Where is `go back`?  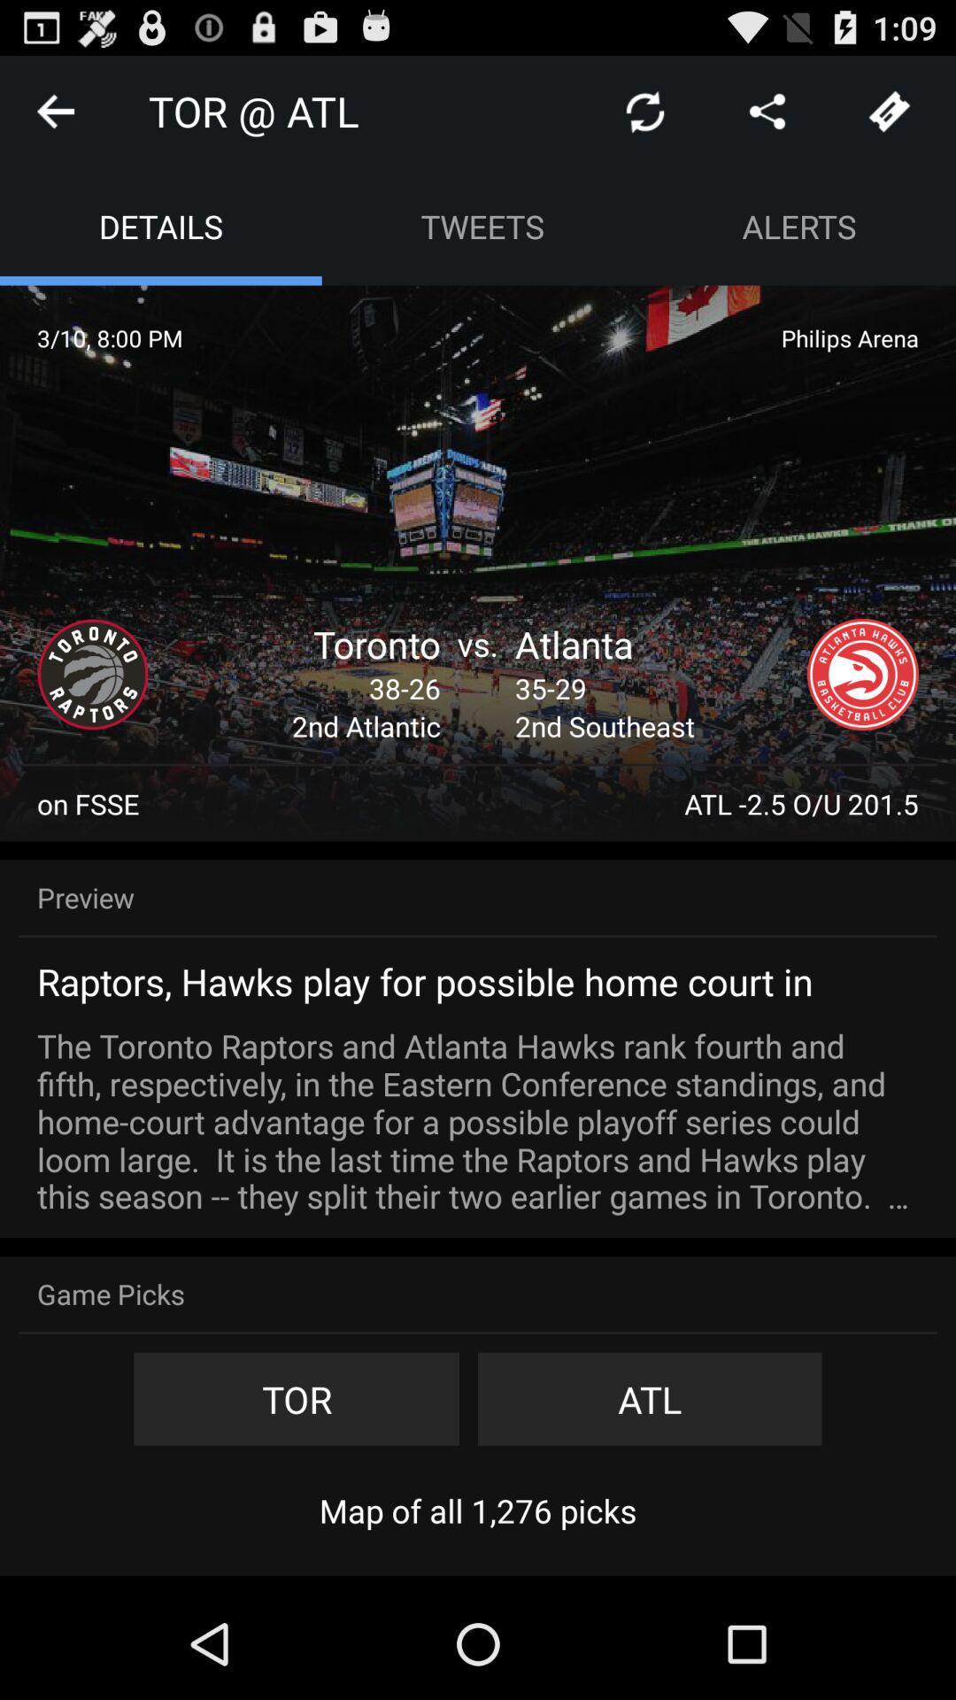 go back is located at coordinates (54, 110).